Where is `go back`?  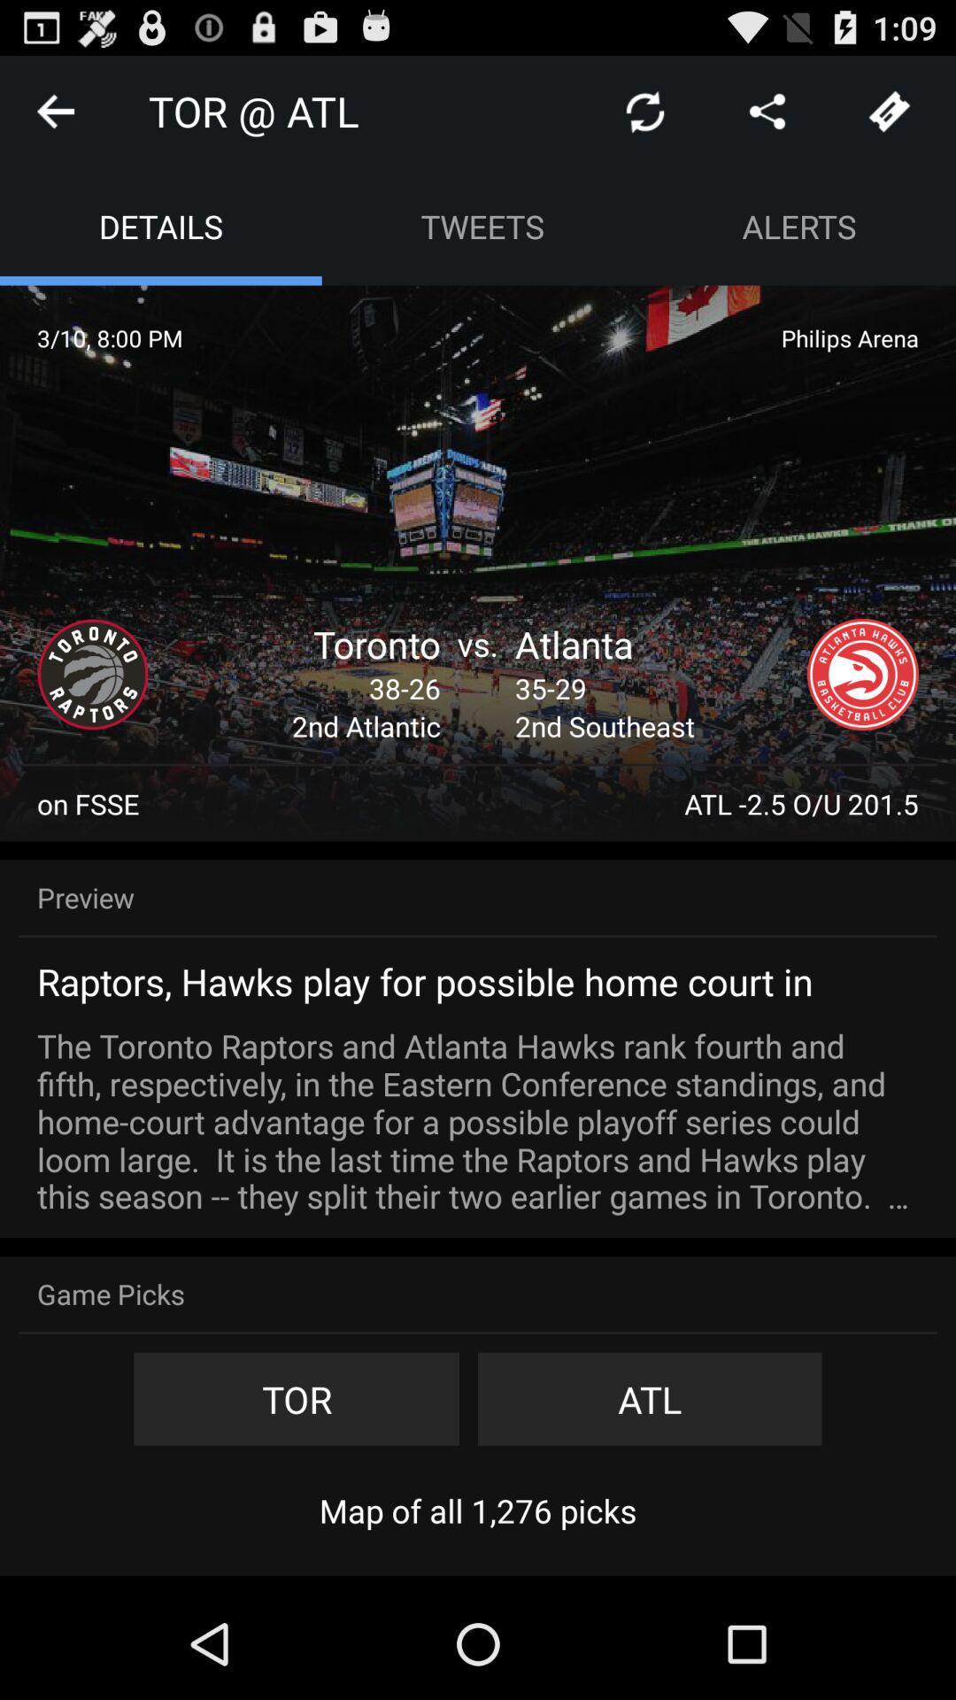 go back is located at coordinates (54, 110).